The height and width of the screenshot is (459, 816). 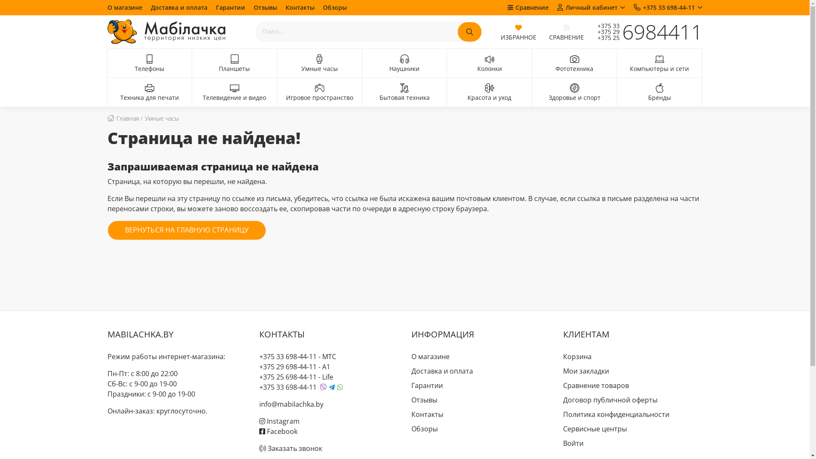 I want to click on '+375 33', so click(x=589, y=25).